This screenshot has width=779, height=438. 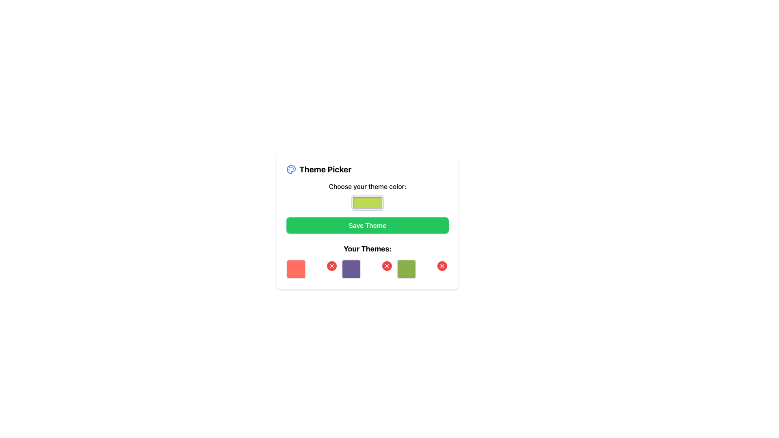 I want to click on the circular red button located in the top-right corner of the green theme box in the 'Your Themes' section, so click(x=441, y=266).